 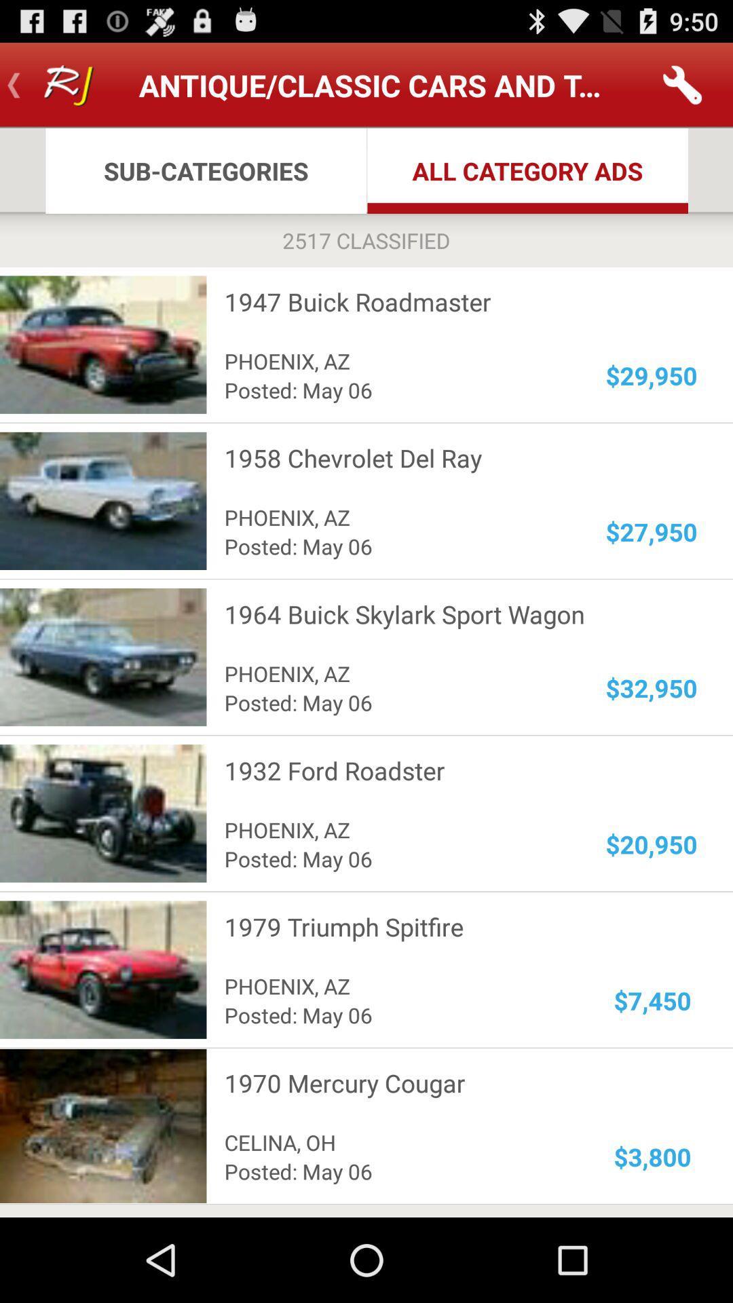 I want to click on the icon above the phoenix, az app, so click(x=452, y=770).